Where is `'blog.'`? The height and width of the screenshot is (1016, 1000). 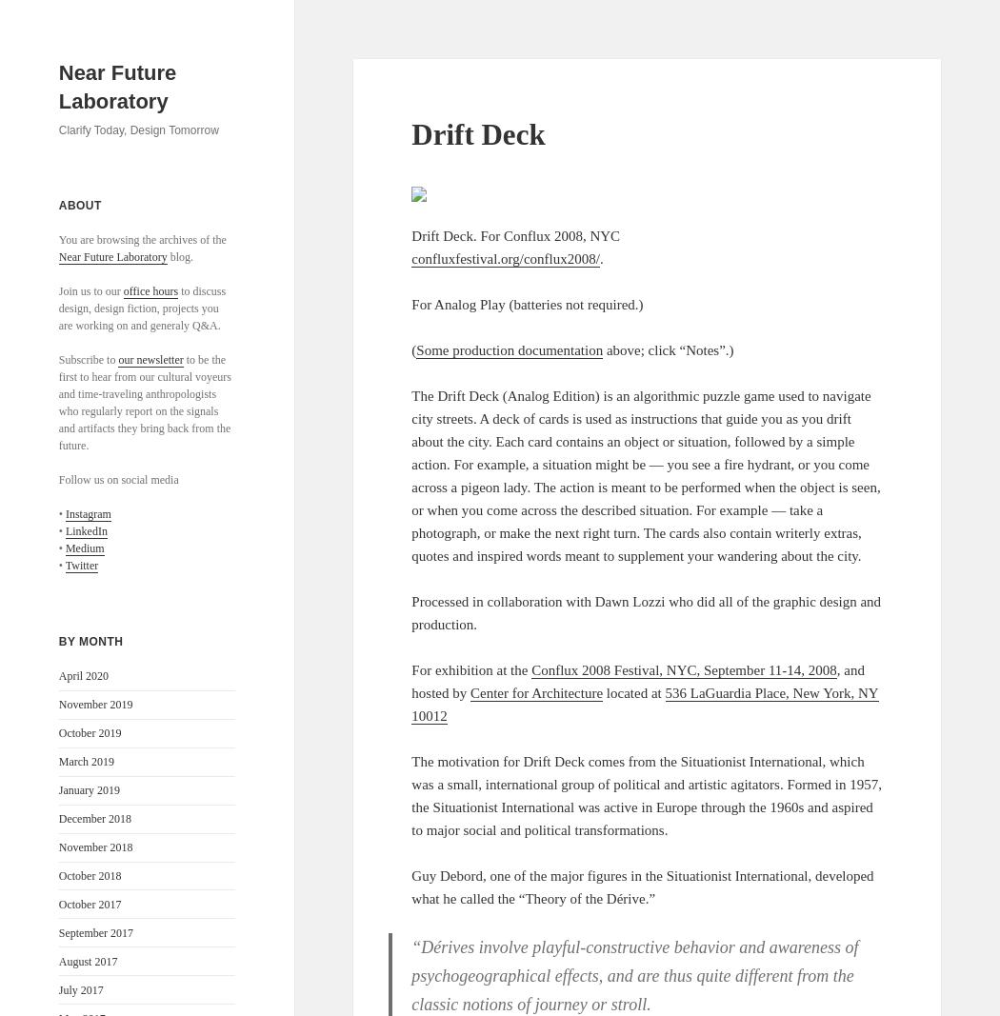 'blog.' is located at coordinates (179, 256).